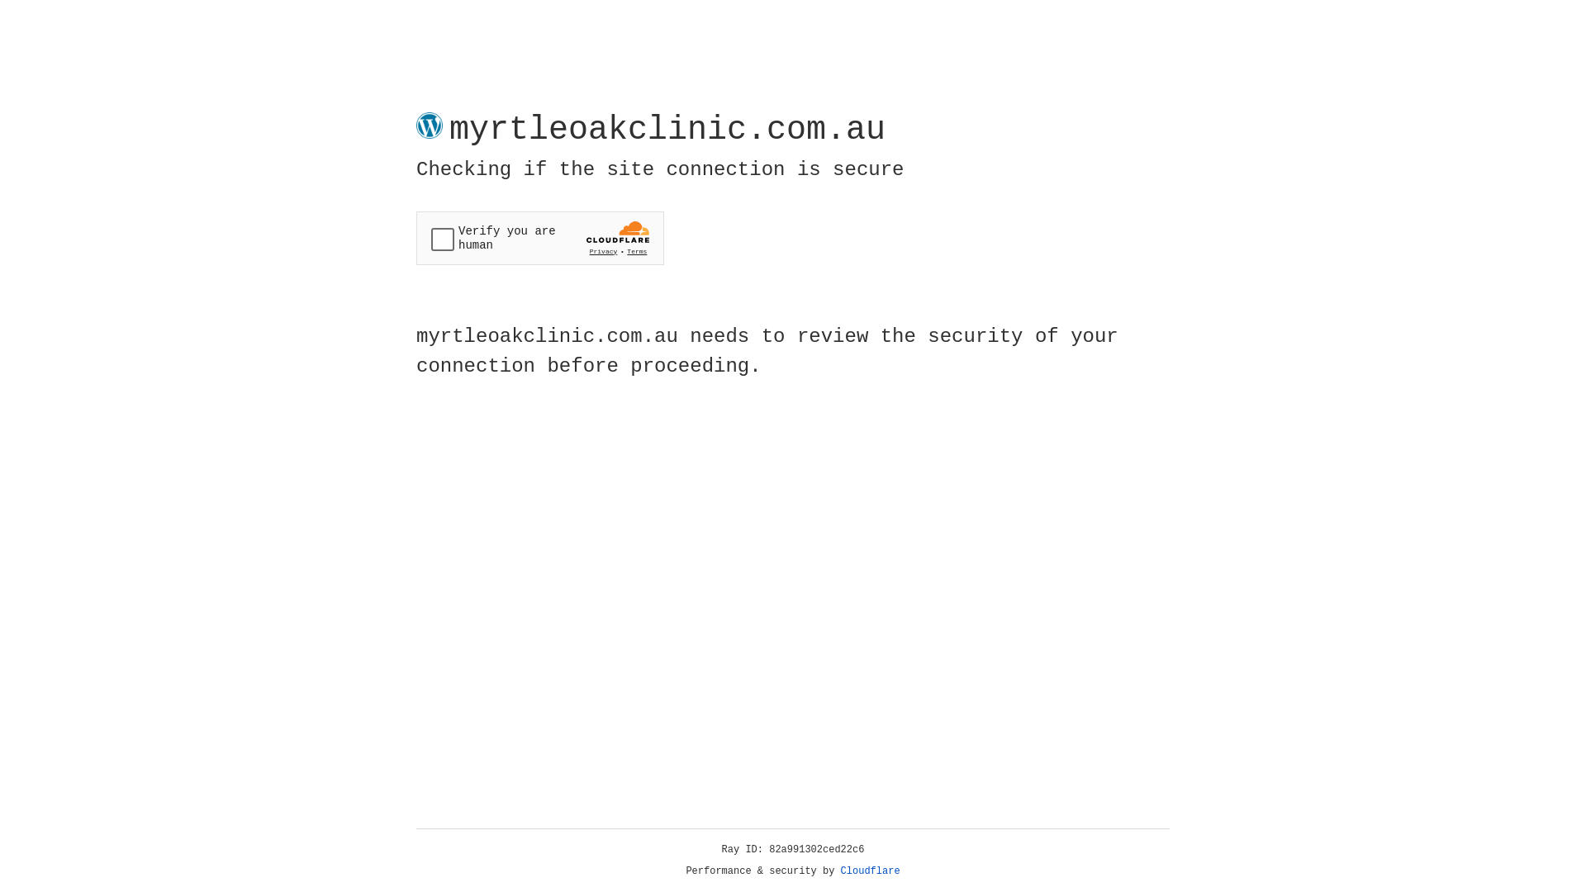  What do you see at coordinates (539, 238) in the screenshot?
I see `'Widget containing a Cloudflare security challenge'` at bounding box center [539, 238].